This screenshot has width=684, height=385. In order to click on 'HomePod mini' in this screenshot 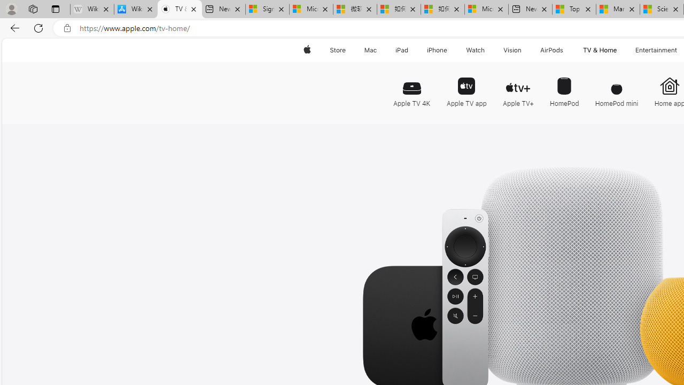, I will do `click(617, 87)`.